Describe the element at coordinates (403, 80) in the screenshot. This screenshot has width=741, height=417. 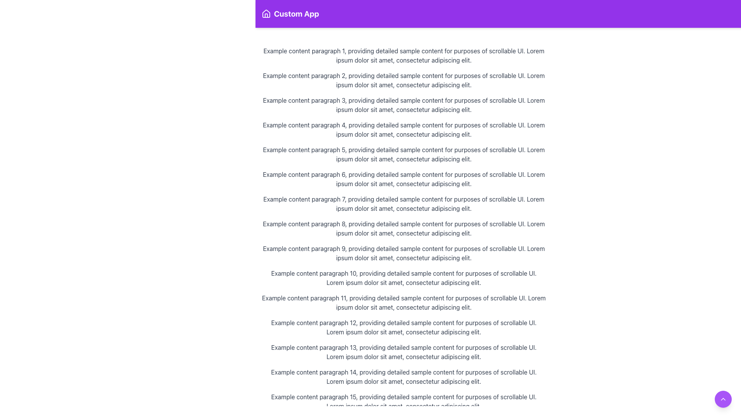
I see `the second static text display element, which provides context or data to users and is positioned below the first paragraph in the upper-central part of the interface` at that location.